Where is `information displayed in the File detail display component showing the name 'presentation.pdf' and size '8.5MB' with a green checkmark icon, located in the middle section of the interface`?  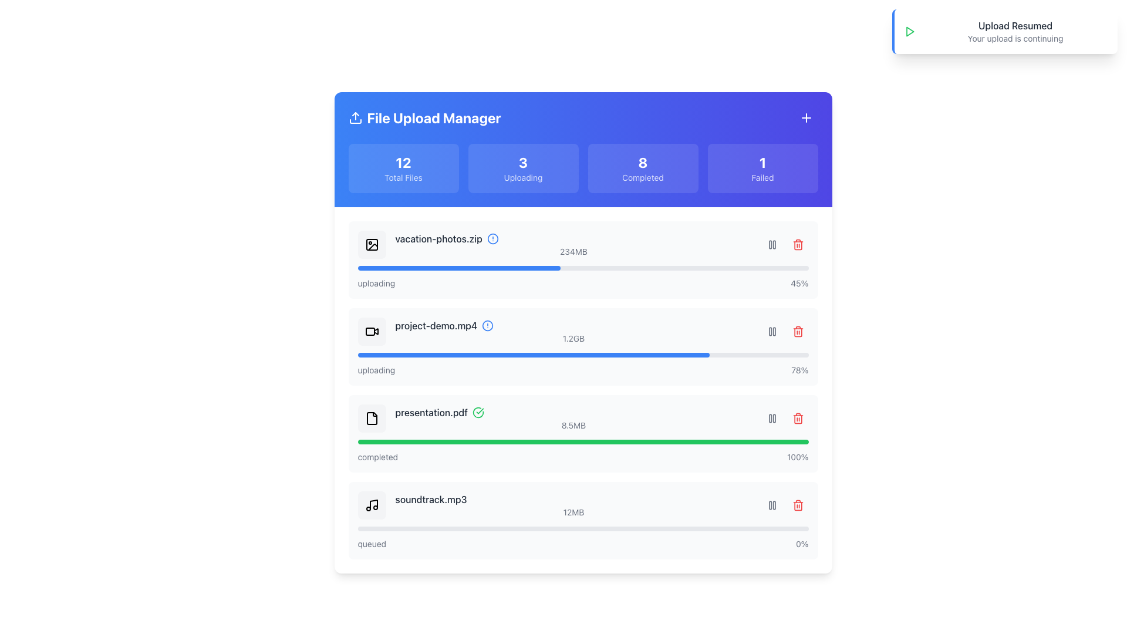
information displayed in the File detail display component showing the name 'presentation.pdf' and size '8.5MB' with a green checkmark icon, located in the middle section of the interface is located at coordinates (573, 418).